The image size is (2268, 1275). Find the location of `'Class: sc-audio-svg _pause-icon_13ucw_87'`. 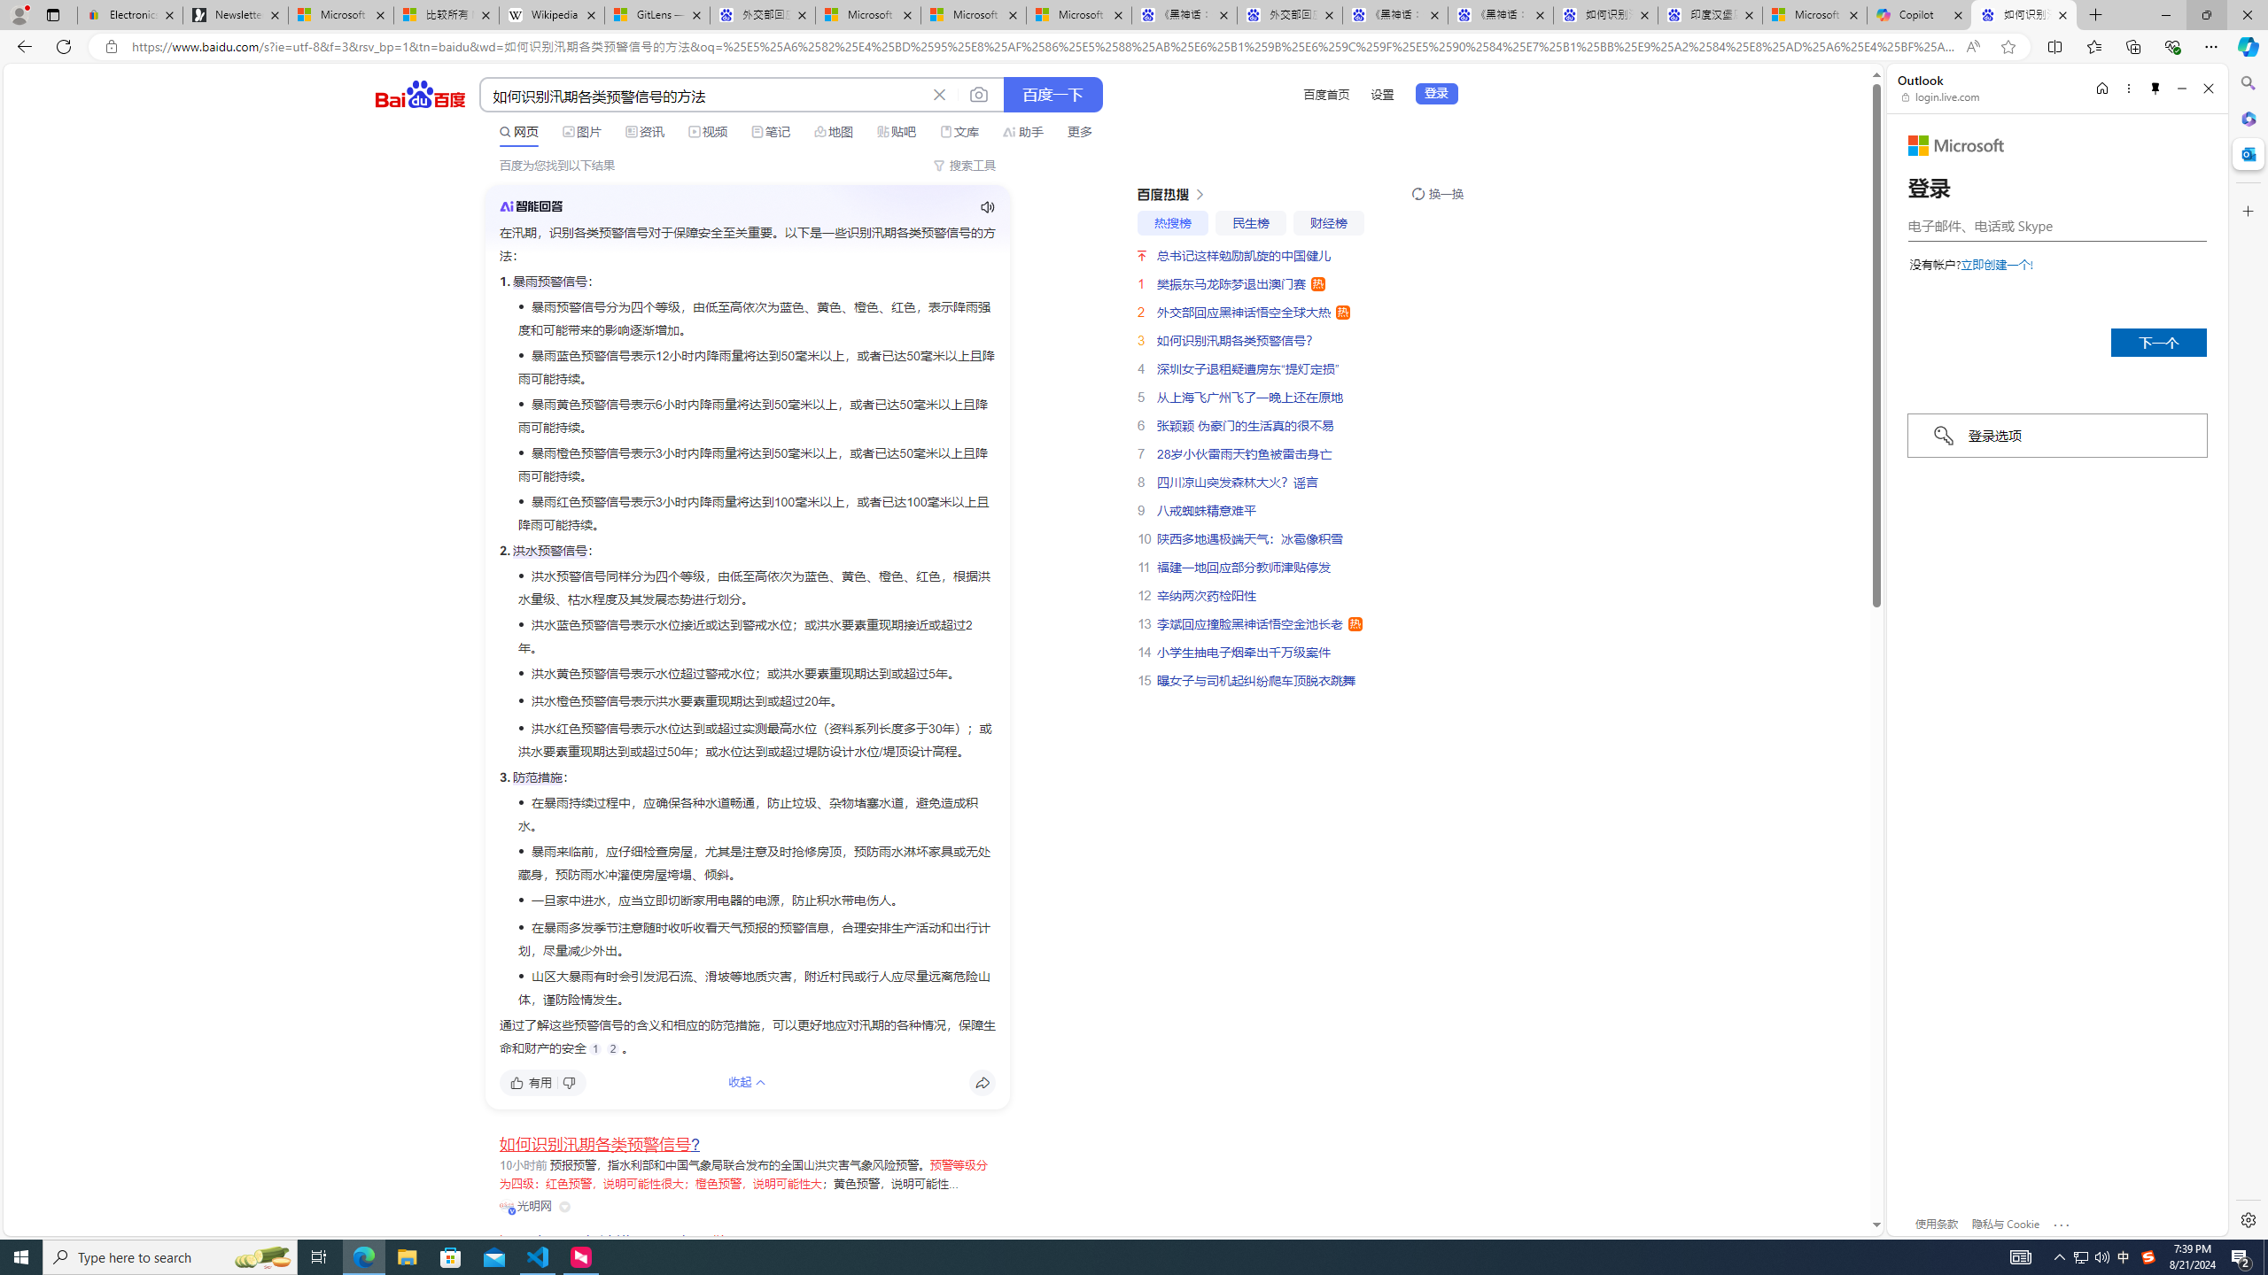

'Class: sc-audio-svg _pause-icon_13ucw_87' is located at coordinates (986, 206).